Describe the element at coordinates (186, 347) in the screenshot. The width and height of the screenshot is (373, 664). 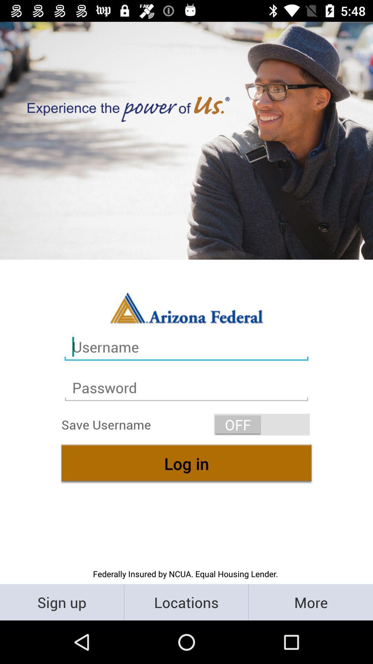
I see `the text box contain name username` at that location.